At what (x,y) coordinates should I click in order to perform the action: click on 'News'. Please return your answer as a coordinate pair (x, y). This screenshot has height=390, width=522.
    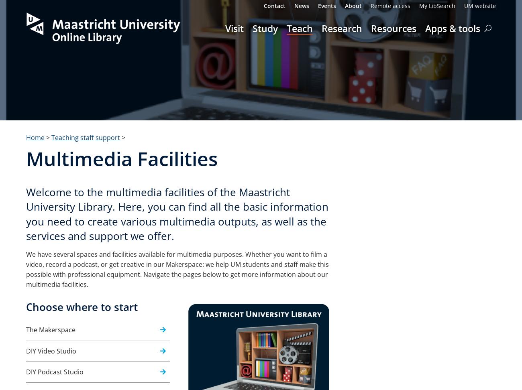
    Looking at the image, I should click on (302, 6).